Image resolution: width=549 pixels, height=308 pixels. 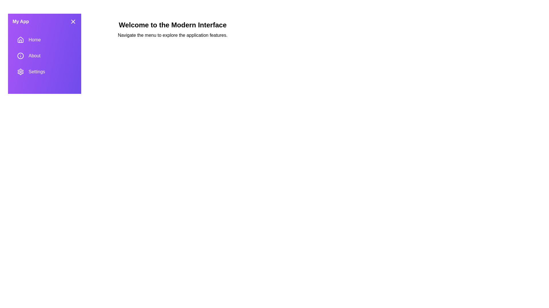 I want to click on toggle button to toggle the drawer's visibility, so click(x=73, y=21).